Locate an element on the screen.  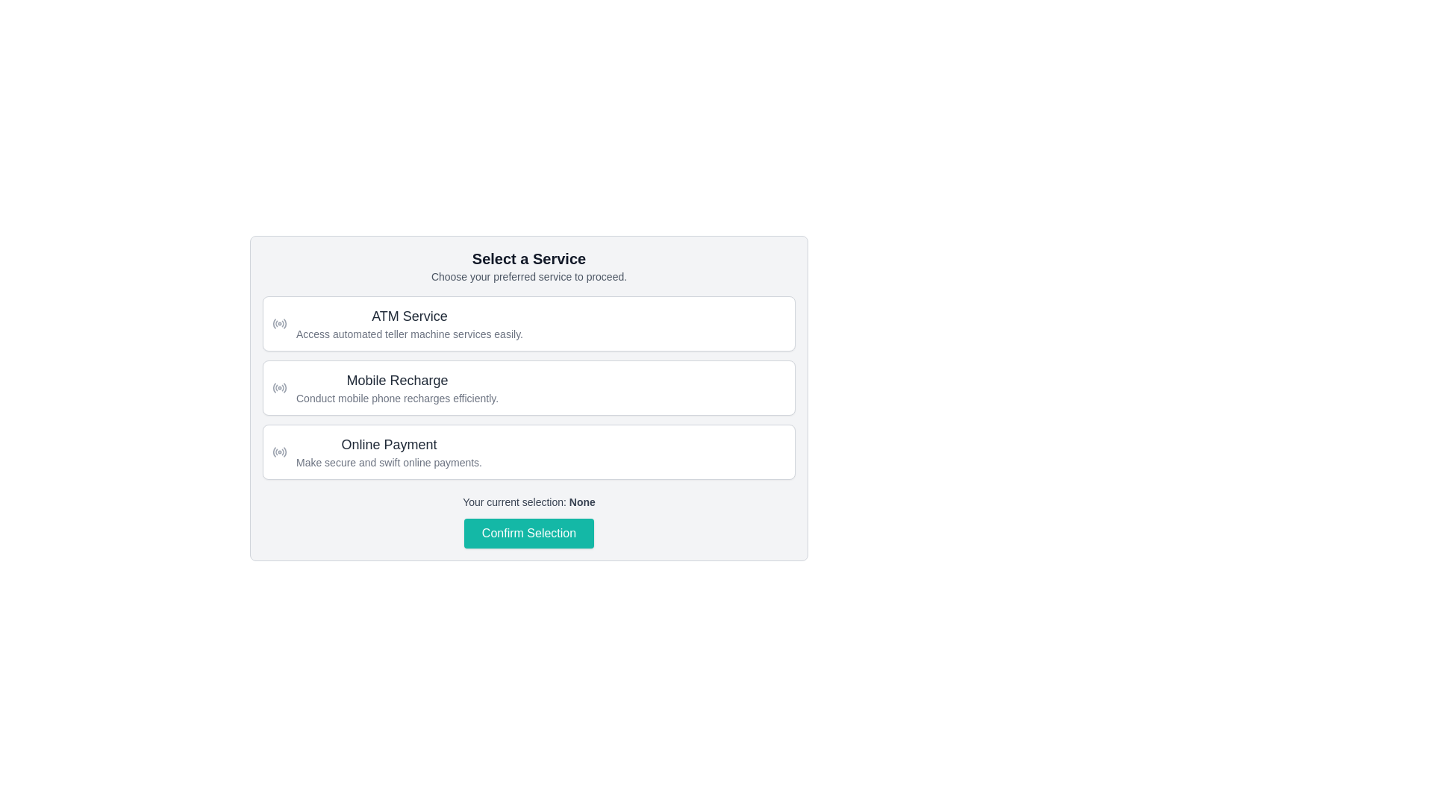
the 'Mobile Recharge' selectable list item, which is the second item in the vertical list under the 'Select a Service' section is located at coordinates (529, 397).